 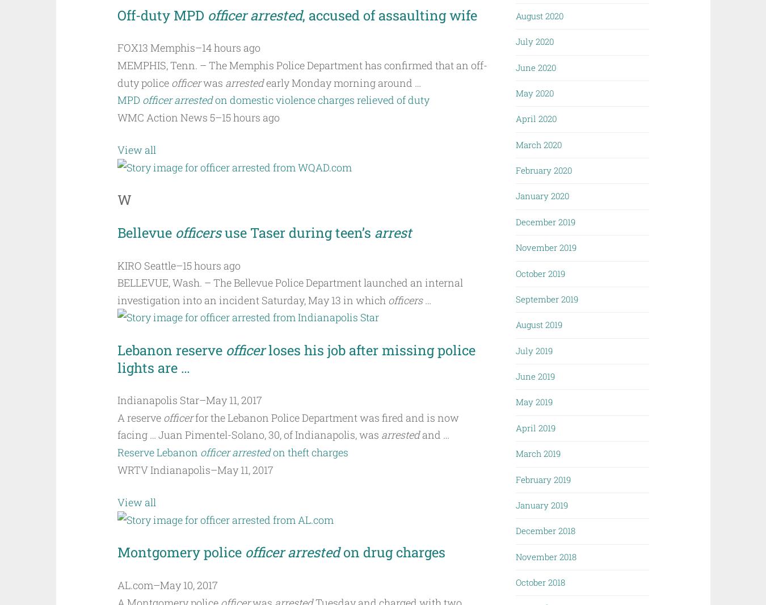 What do you see at coordinates (296, 358) in the screenshot?
I see `'loses his job after missing police lights are …'` at bounding box center [296, 358].